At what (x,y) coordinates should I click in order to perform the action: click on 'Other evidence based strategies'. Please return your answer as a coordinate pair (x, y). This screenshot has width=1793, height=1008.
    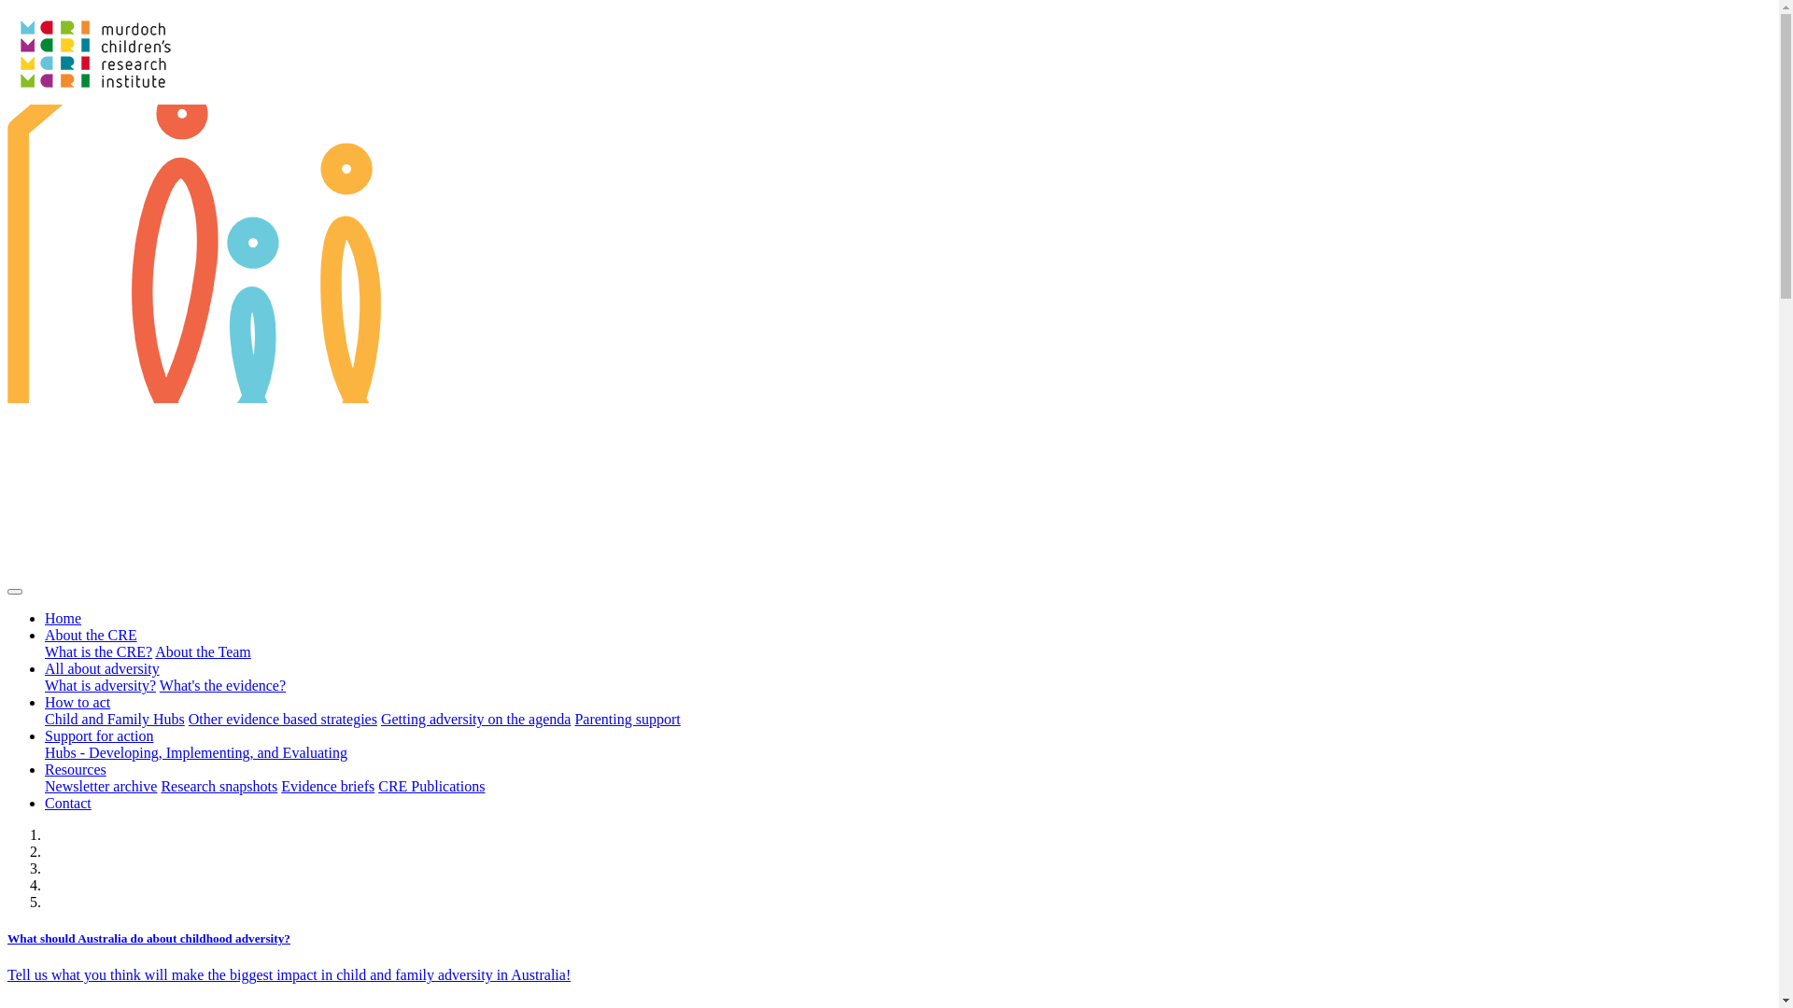
    Looking at the image, I should click on (281, 718).